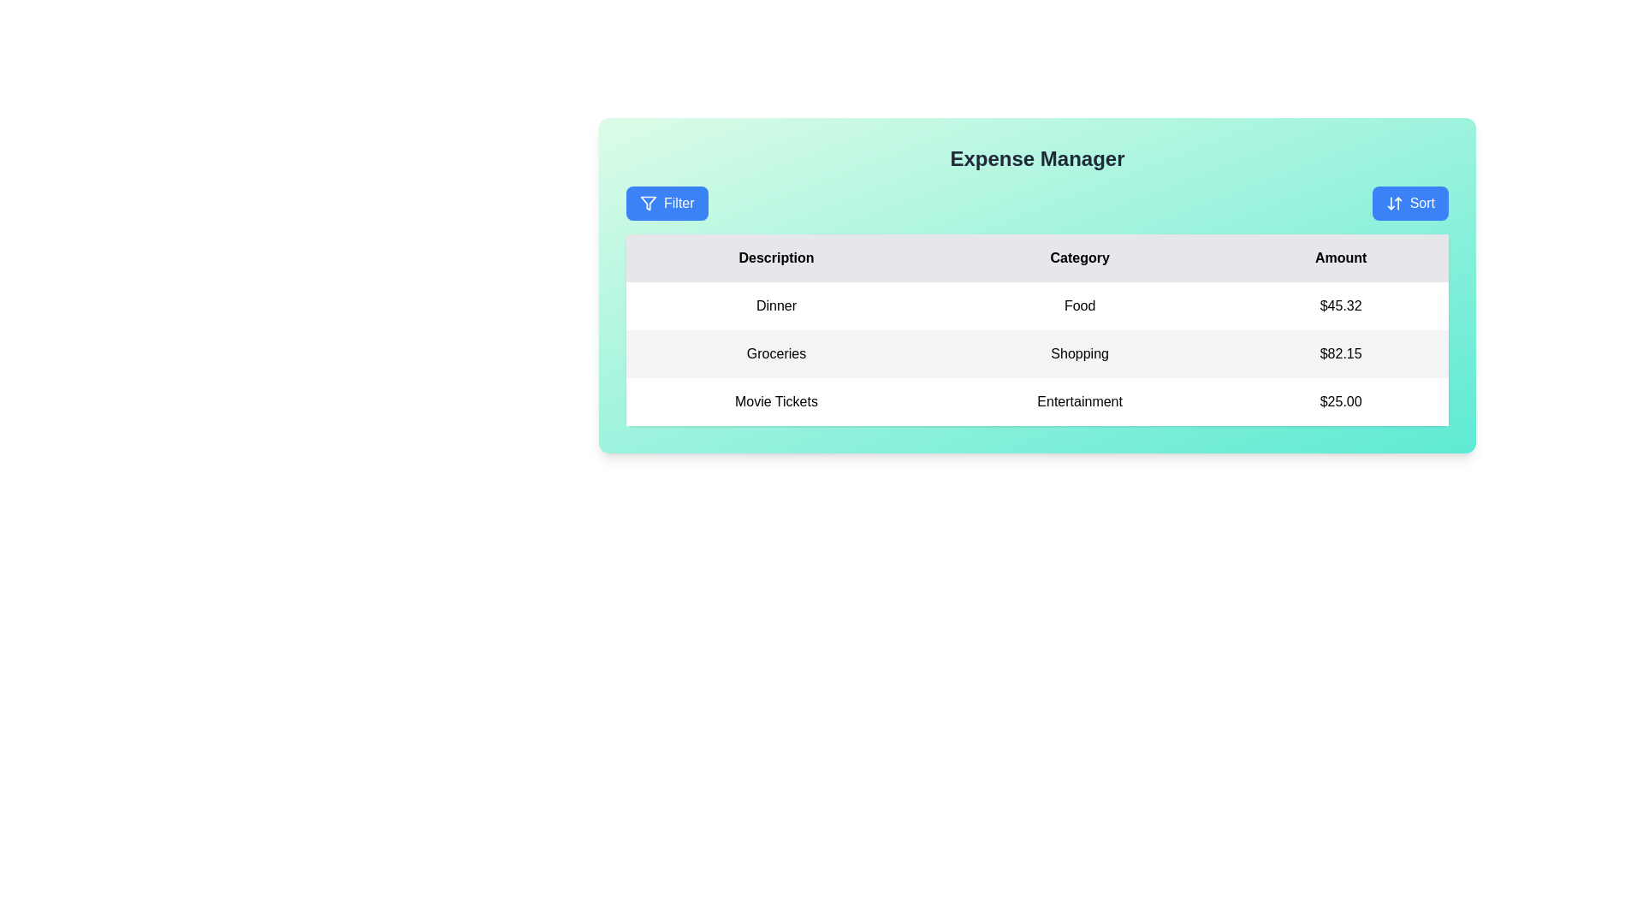 This screenshot has width=1643, height=924. What do you see at coordinates (1079, 352) in the screenshot?
I see `the text label displaying 'Shopping' in the second row of the table under the 'Category' column, positioned between 'Groceries' and '$82.15'` at bounding box center [1079, 352].